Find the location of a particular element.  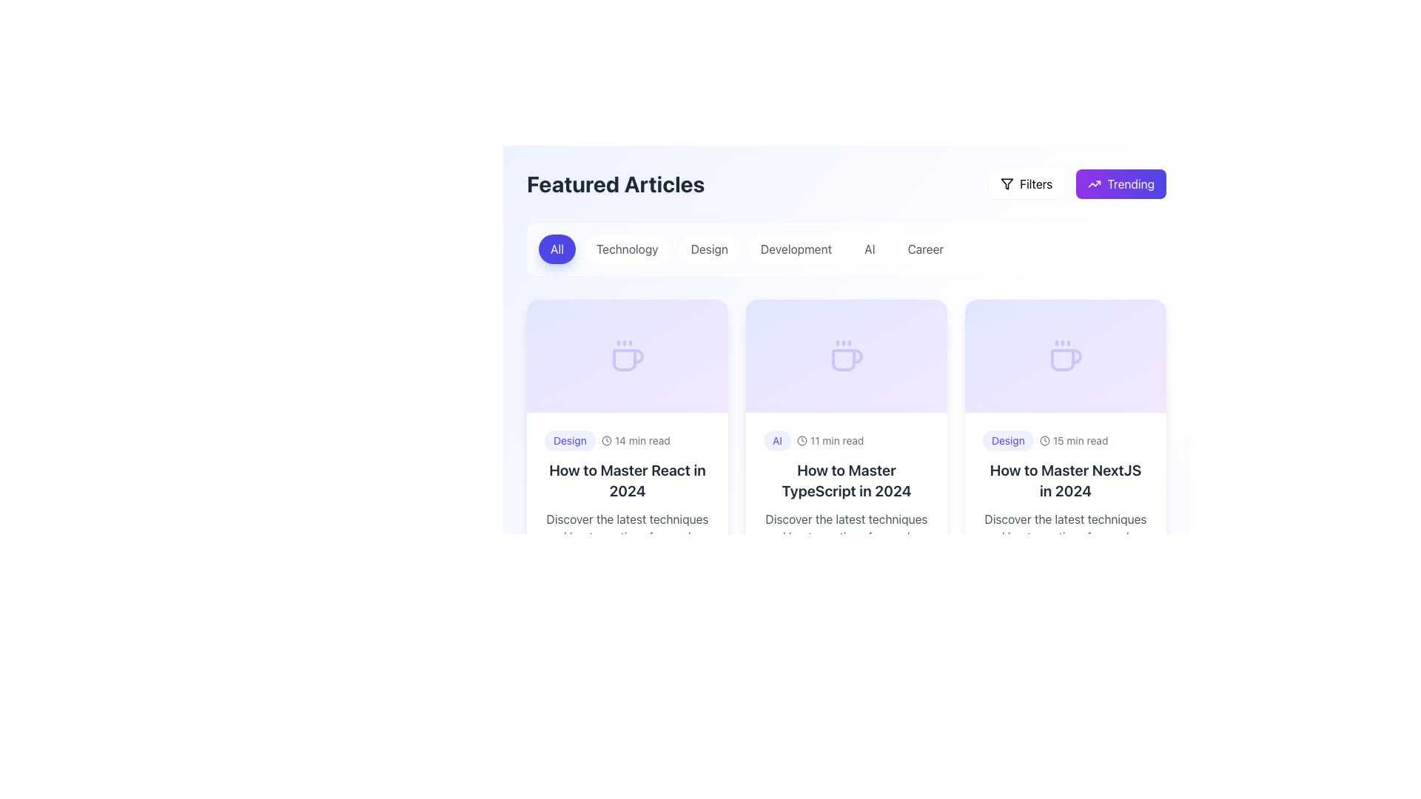

the text block displaying a preview of the article's content, which reads 'Discover the latest techniques and best practices for modern web development...' and is located under the title 'How to Master React in 2024' is located at coordinates (628, 527).